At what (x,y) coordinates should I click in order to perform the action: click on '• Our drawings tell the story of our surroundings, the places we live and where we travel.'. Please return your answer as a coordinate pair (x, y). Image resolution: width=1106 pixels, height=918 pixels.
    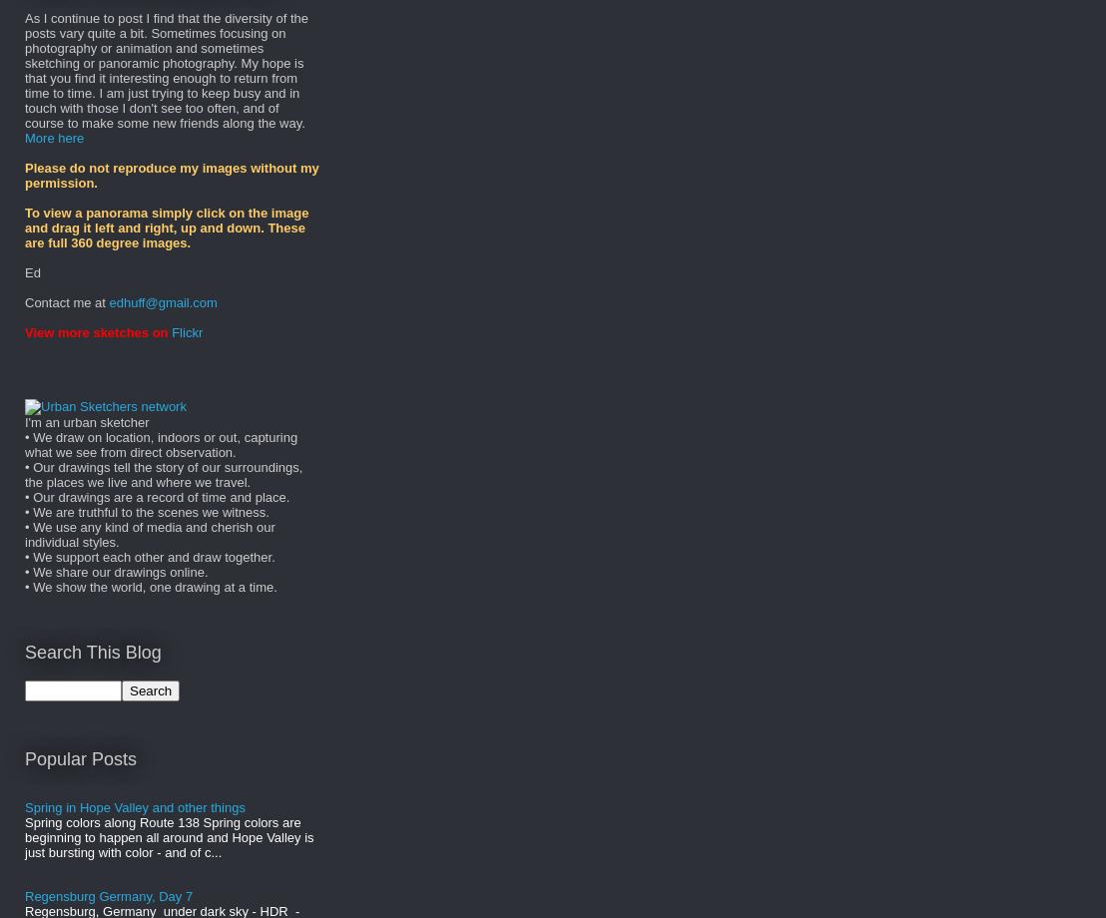
    Looking at the image, I should click on (25, 475).